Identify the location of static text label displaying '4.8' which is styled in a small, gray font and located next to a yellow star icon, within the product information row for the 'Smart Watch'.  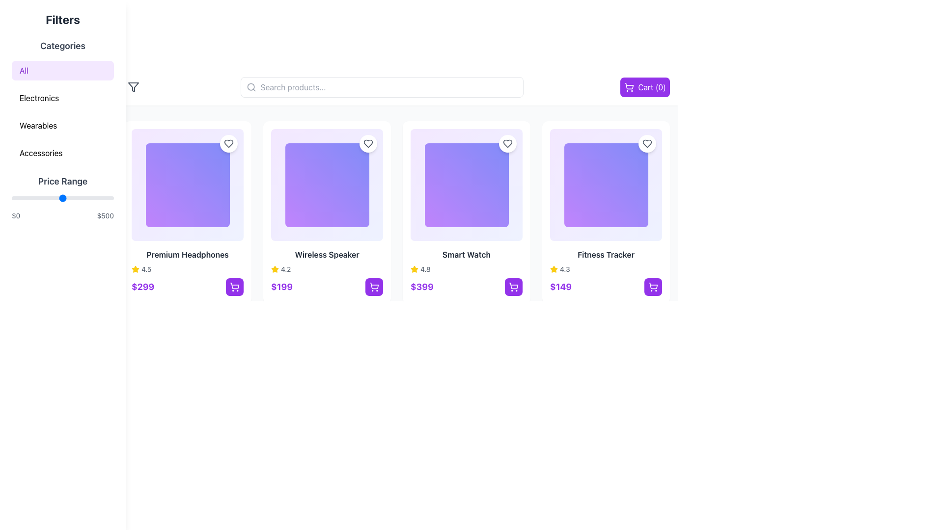
(425, 269).